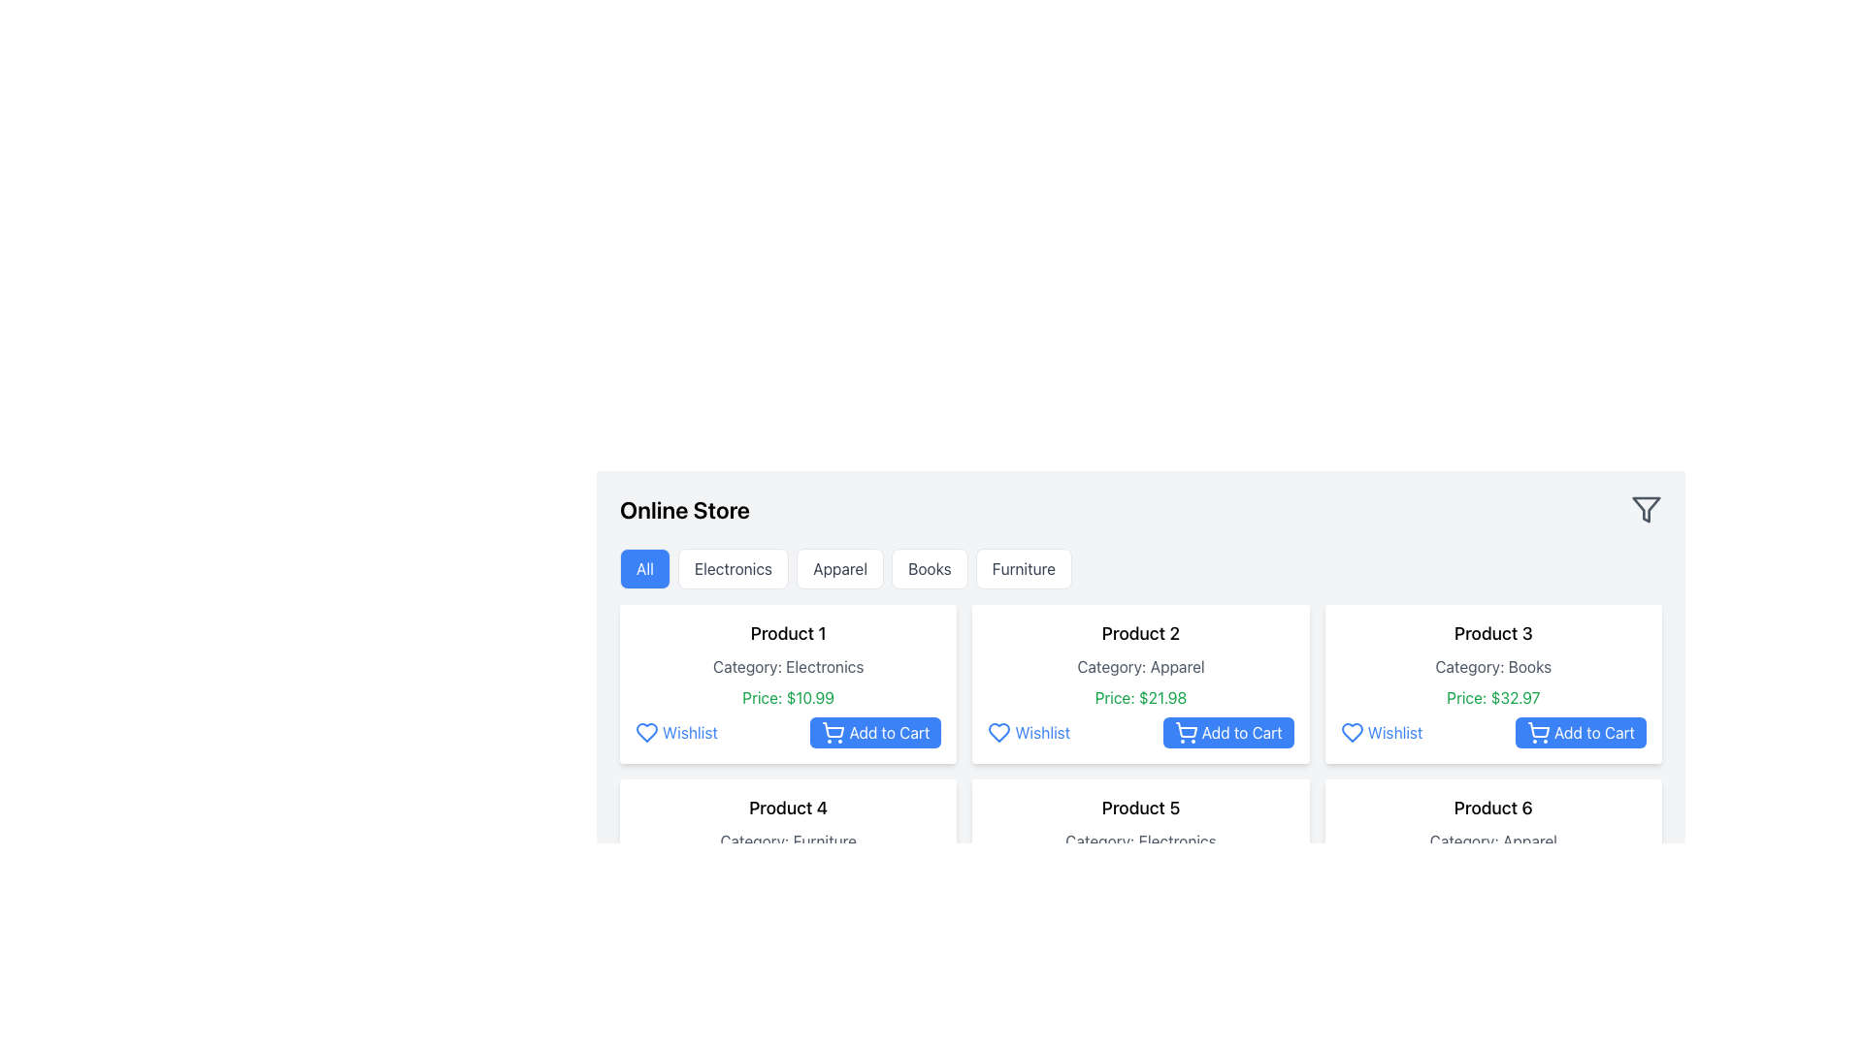  I want to click on the 'Add to Cart' button located in the bottom right part of the product information card for 'Product 1', so click(874, 907).